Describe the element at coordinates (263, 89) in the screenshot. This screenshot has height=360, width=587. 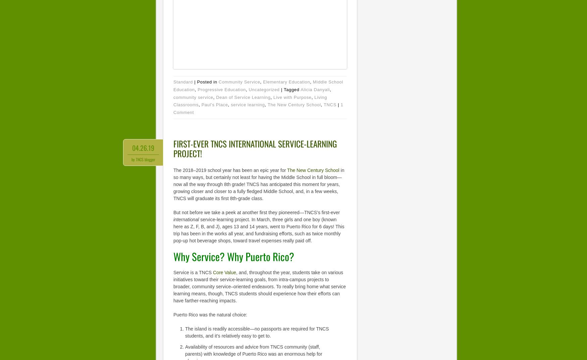
I see `'Uncategorized'` at that location.